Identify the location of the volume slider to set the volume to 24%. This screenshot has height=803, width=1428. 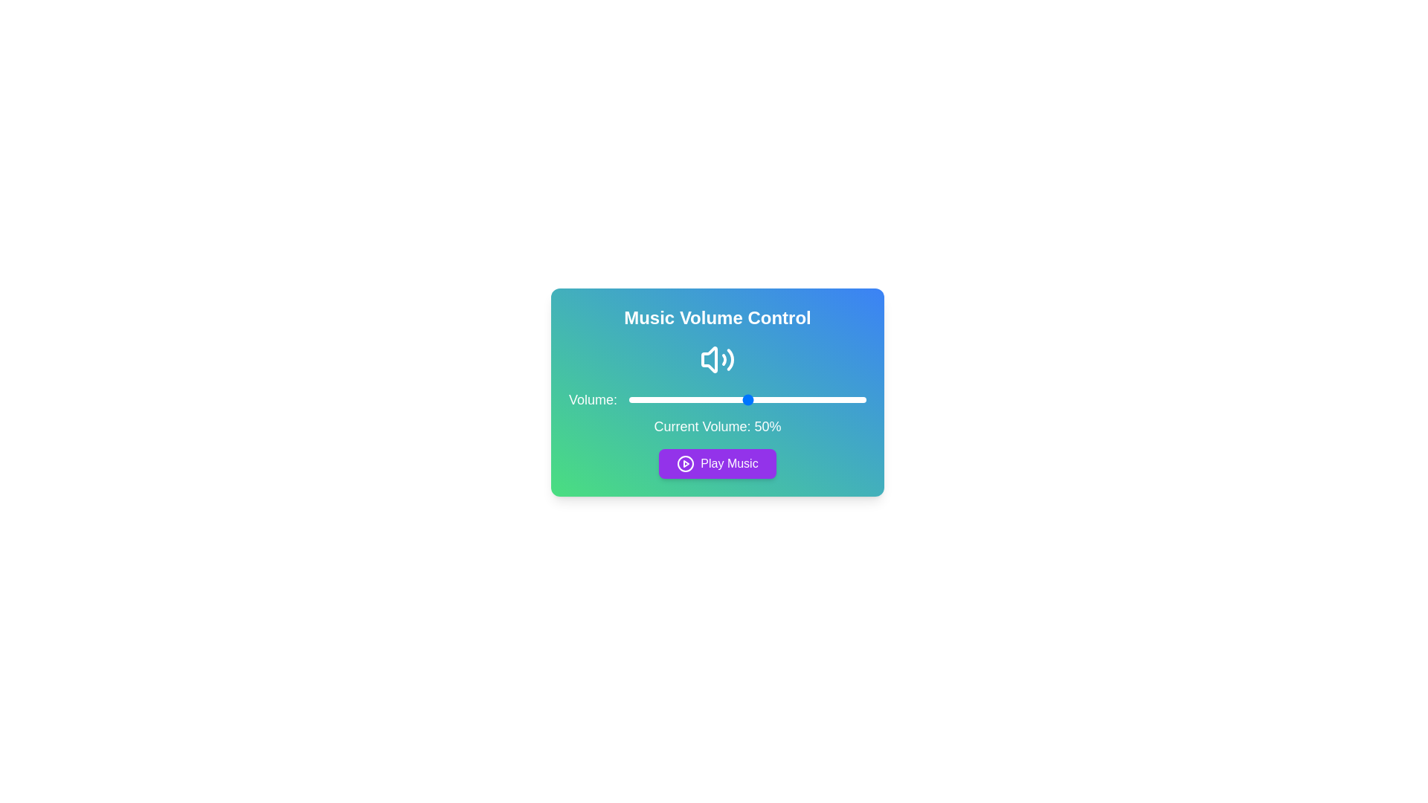
(685, 399).